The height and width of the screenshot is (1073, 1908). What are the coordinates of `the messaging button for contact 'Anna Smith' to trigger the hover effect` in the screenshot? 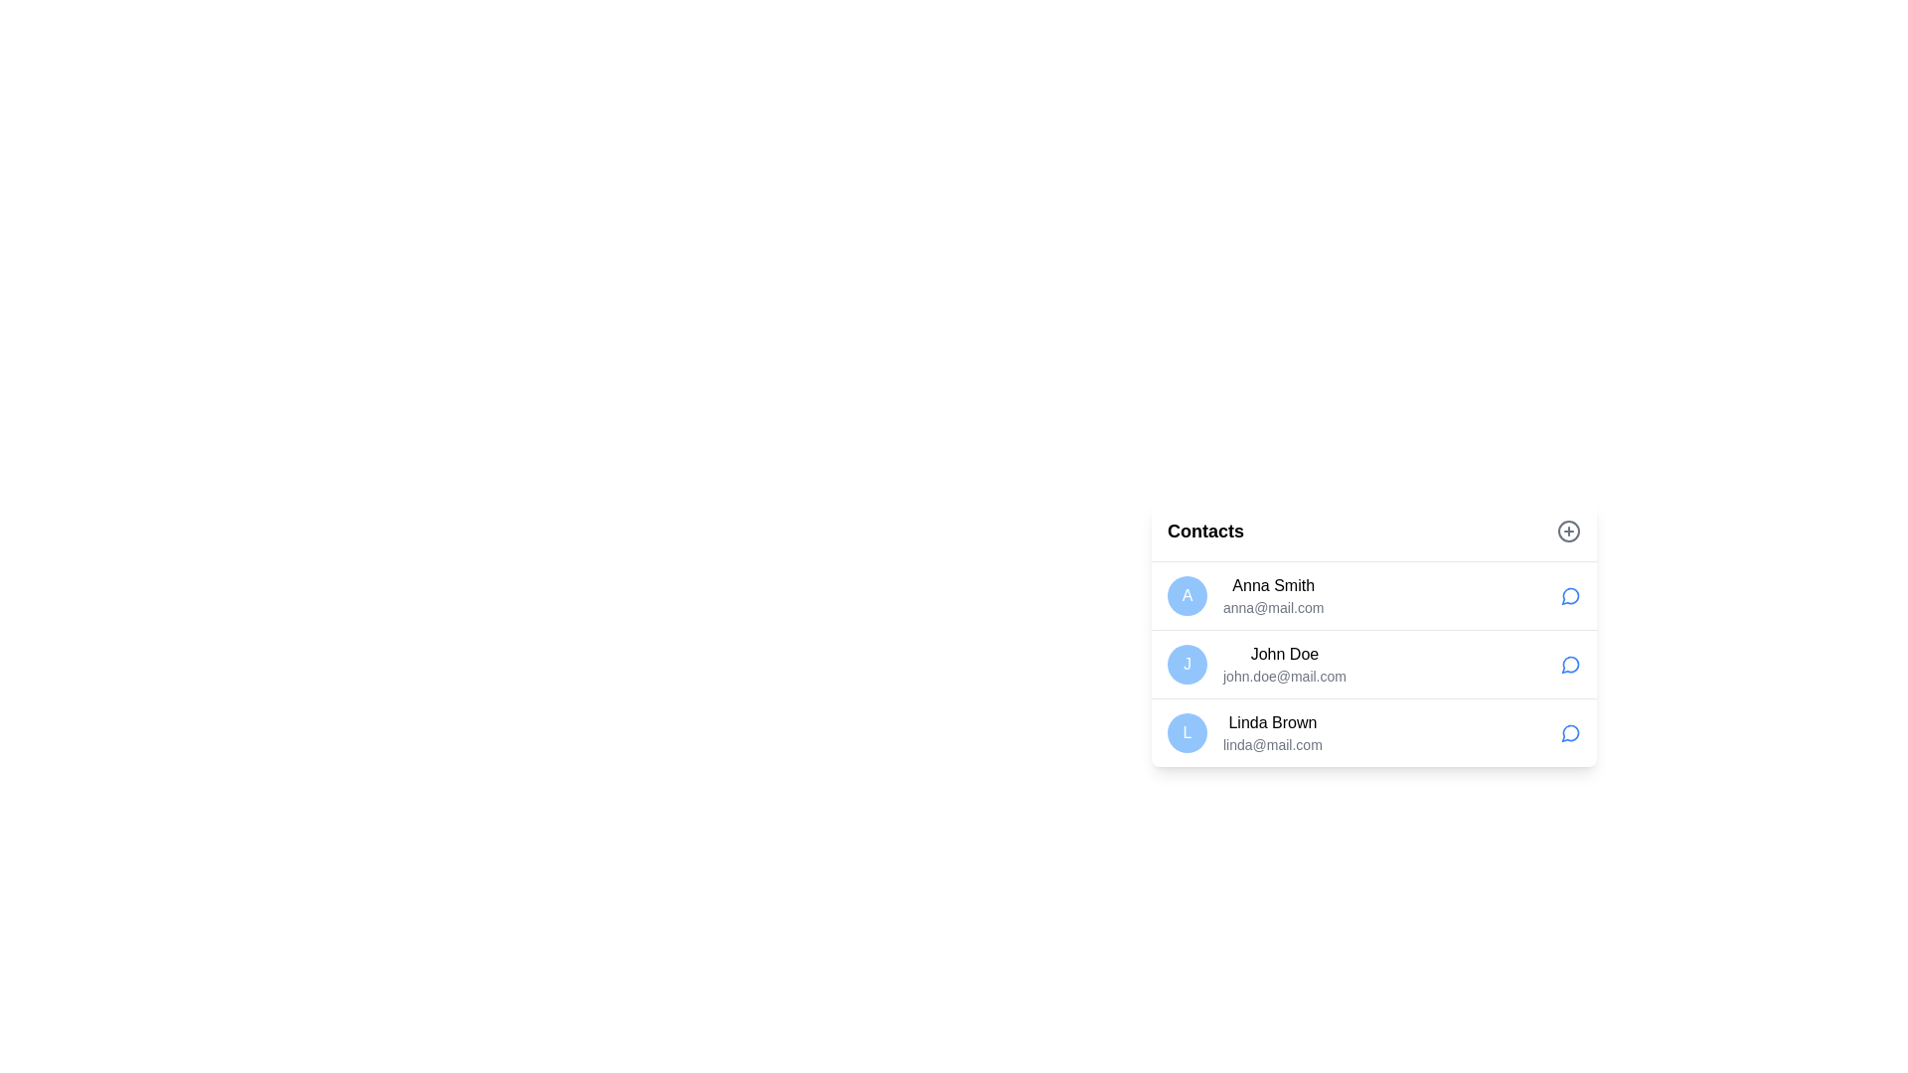 It's located at (1569, 595).